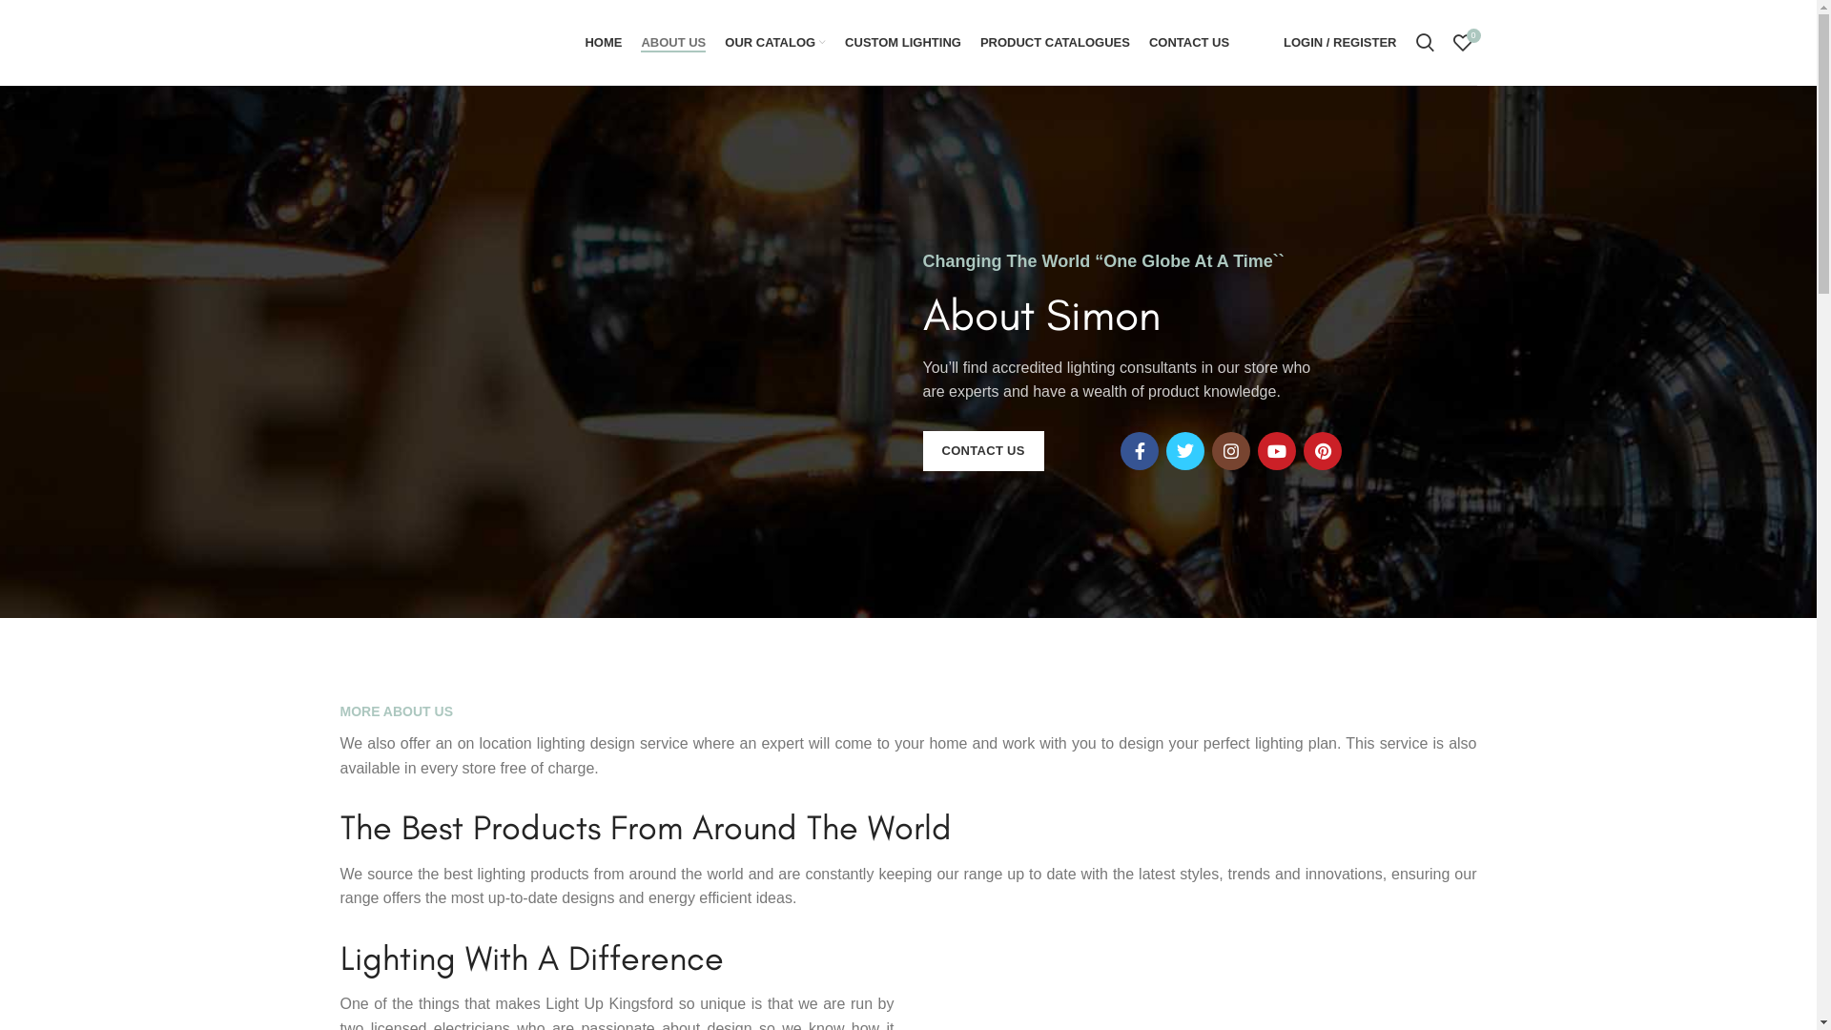 The width and height of the screenshot is (1831, 1030). I want to click on 'PRODUCT CATALOGUES', so click(1054, 41).